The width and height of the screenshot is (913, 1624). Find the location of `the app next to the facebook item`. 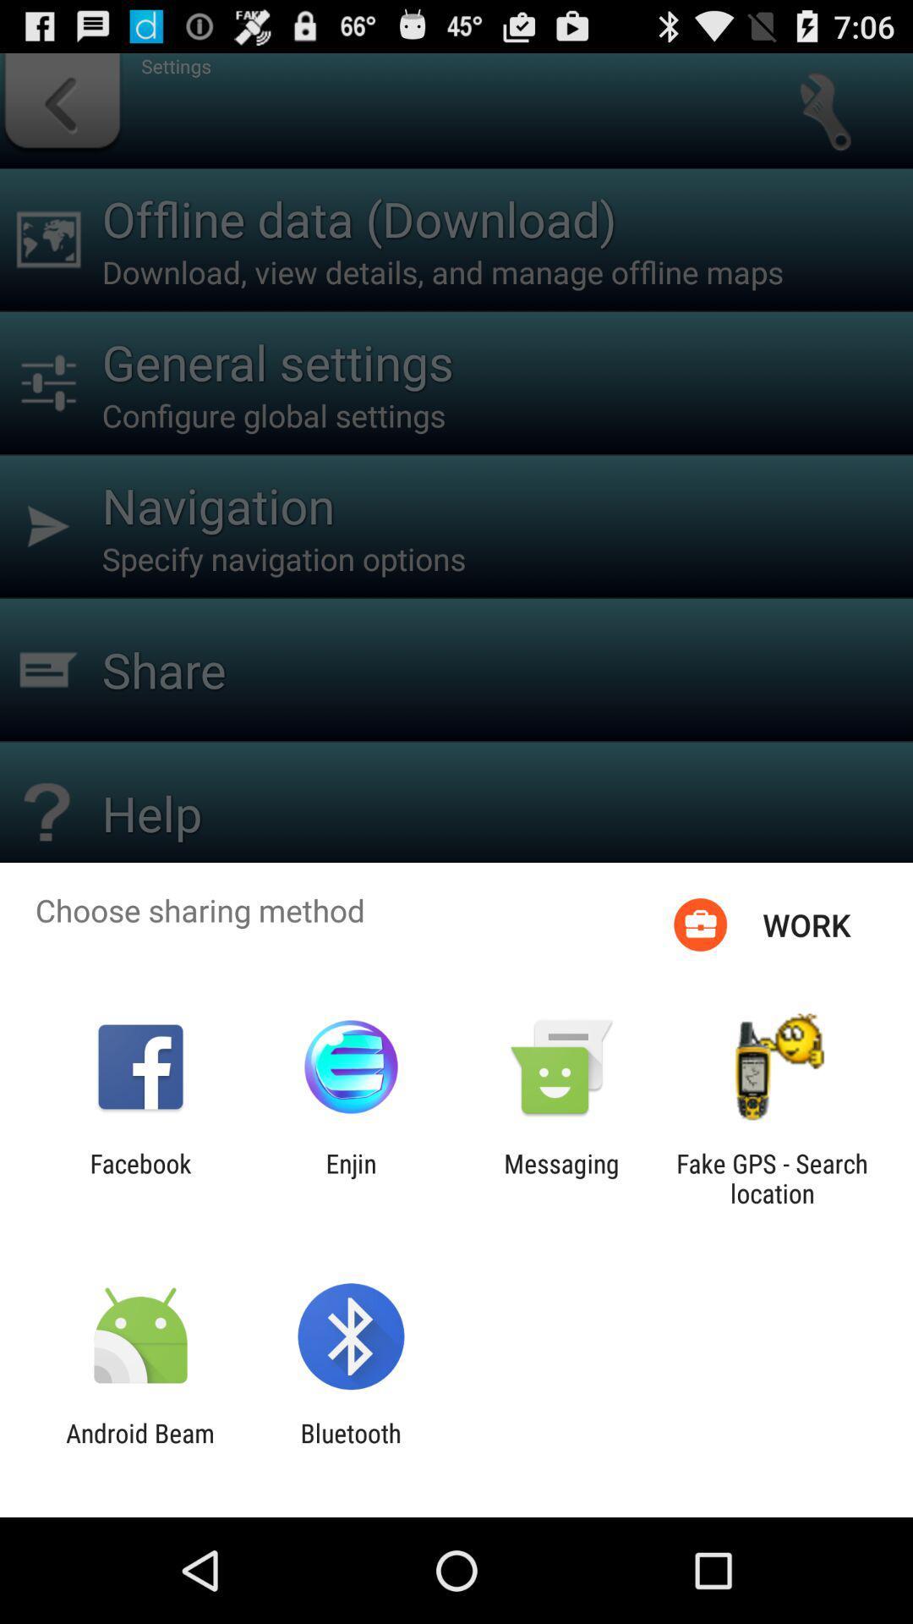

the app next to the facebook item is located at coordinates (350, 1177).